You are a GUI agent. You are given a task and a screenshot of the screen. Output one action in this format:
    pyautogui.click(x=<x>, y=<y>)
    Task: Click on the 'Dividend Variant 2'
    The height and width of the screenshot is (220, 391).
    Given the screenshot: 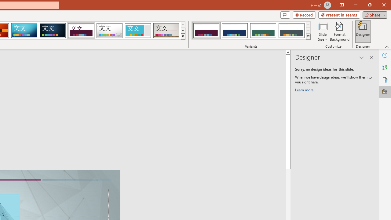 What is the action you would take?
    pyautogui.click(x=234, y=31)
    